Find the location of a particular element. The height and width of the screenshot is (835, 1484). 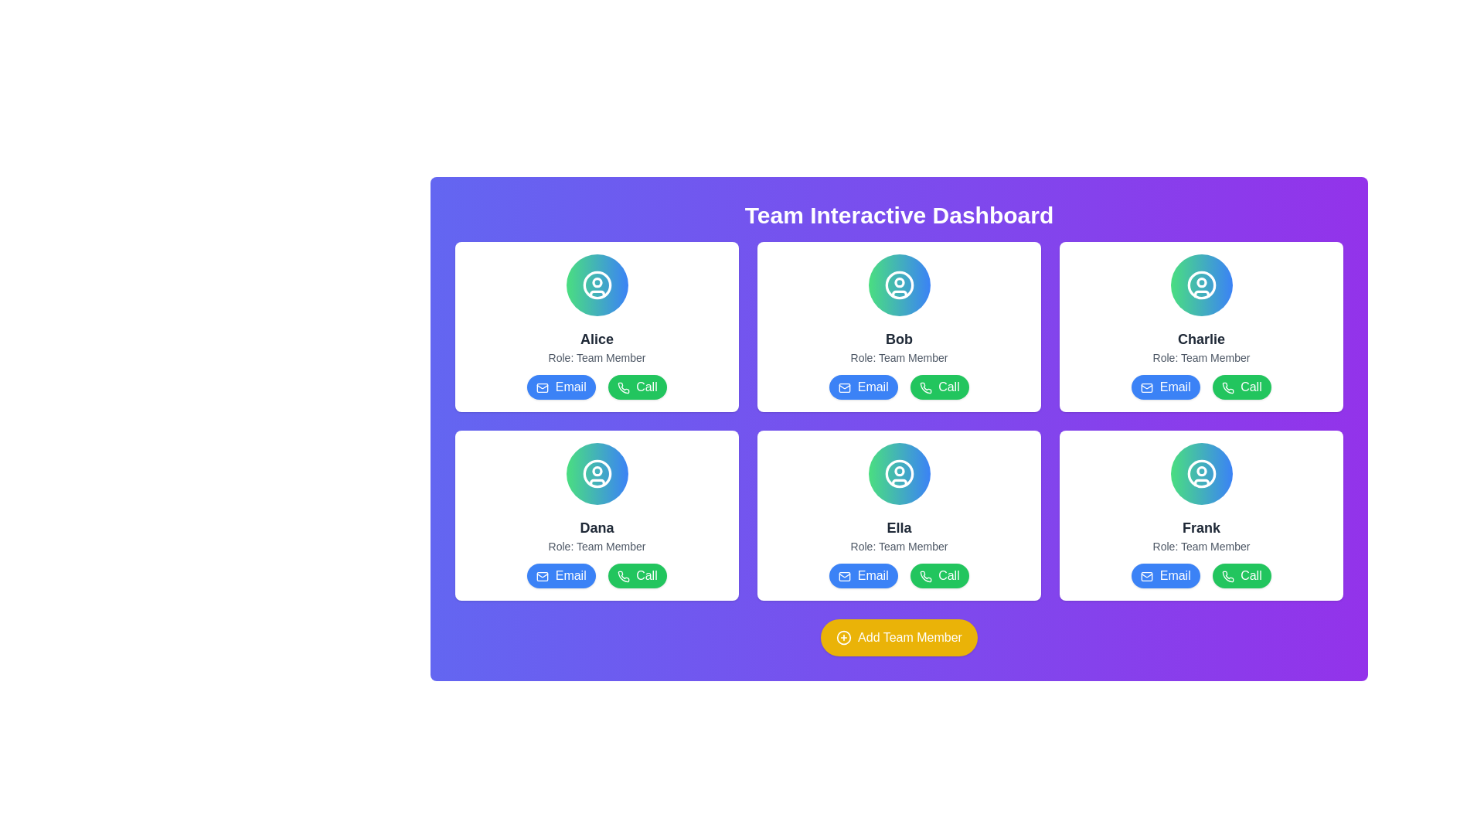

the small envelope-shaped icon located inside the 'Email' button, to the left of the 'Email' text, within the card representing the team member 'Charlie' in the upper right corner of the grid layout is located at coordinates (1147, 387).